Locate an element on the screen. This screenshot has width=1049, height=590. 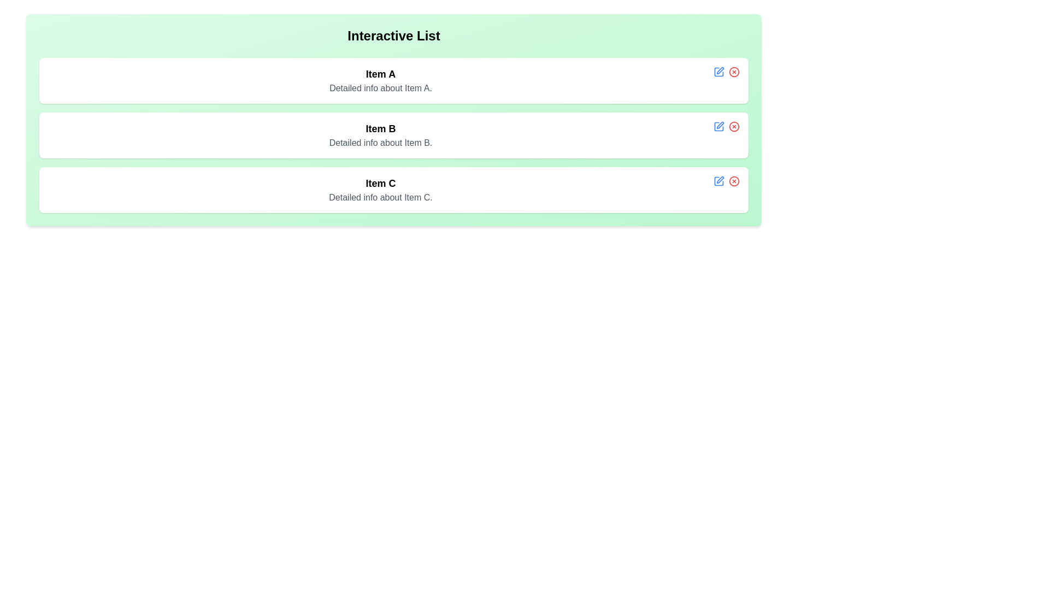
the dismiss or close icon button associated with 'Item A' in the top row of the vertical list is located at coordinates (734, 72).